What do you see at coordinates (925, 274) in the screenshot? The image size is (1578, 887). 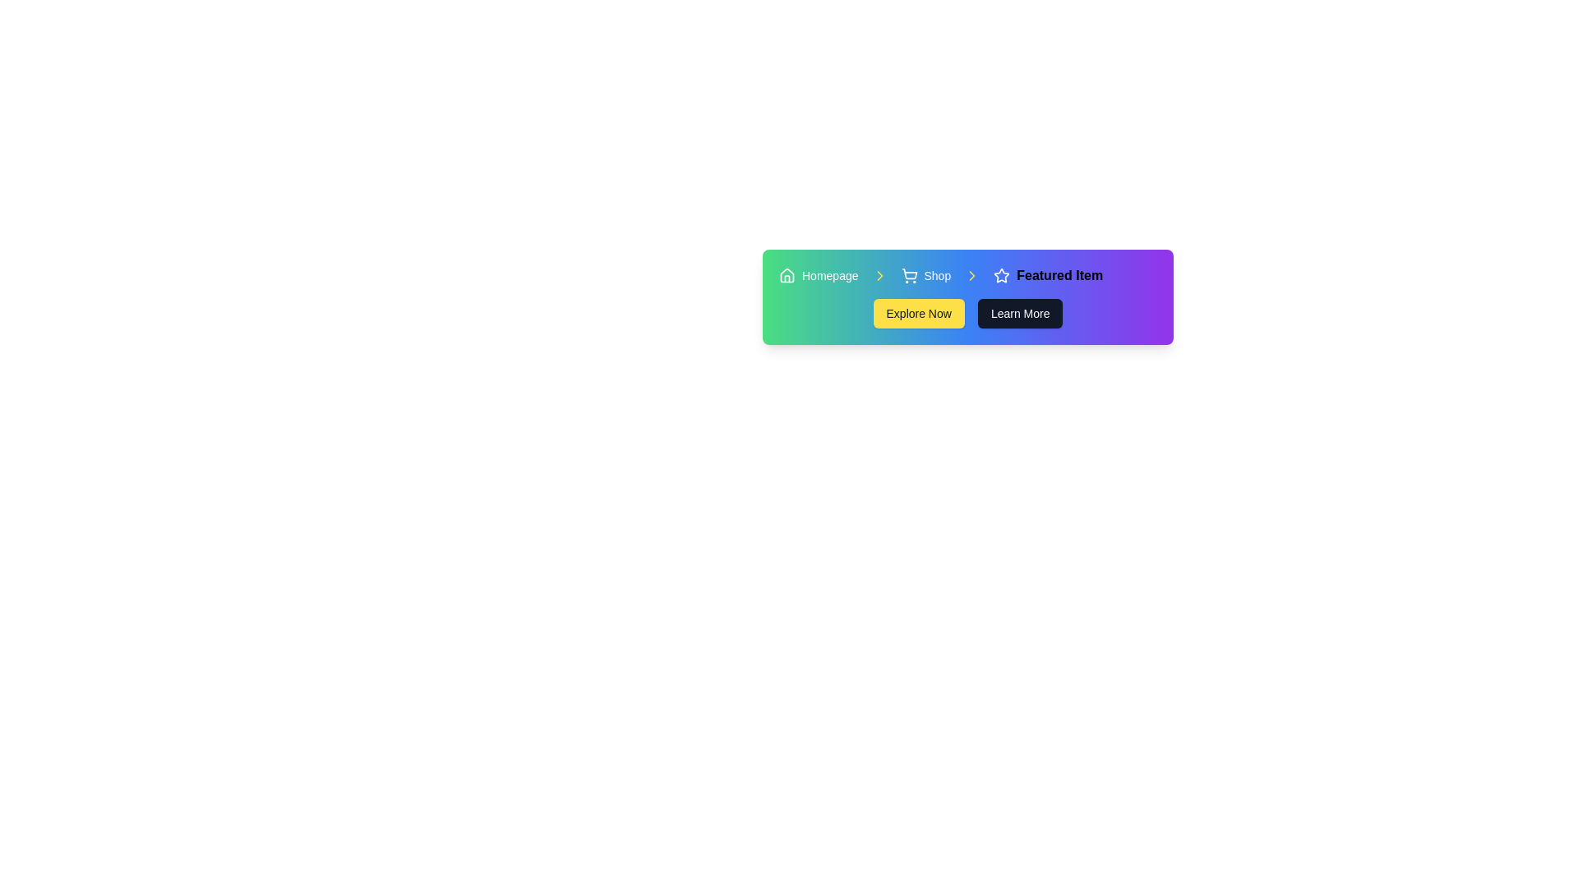 I see `the Breadcrumb Navigation Item labeled 'Shop', which features a shopping cart icon and is styled in white against a gradient background` at bounding box center [925, 274].